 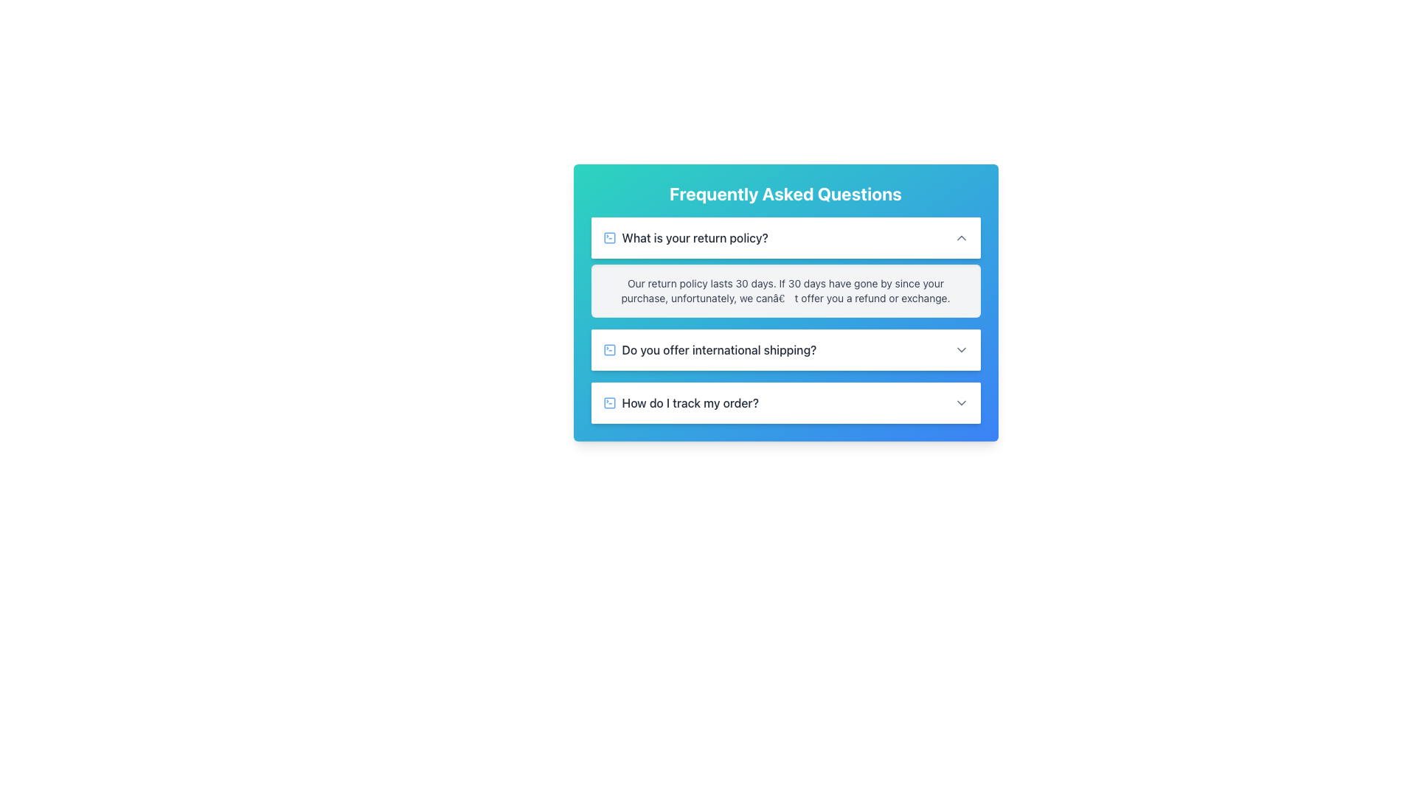 I want to click on the collapsible section titled 'What is your return policy?', so click(x=785, y=267).